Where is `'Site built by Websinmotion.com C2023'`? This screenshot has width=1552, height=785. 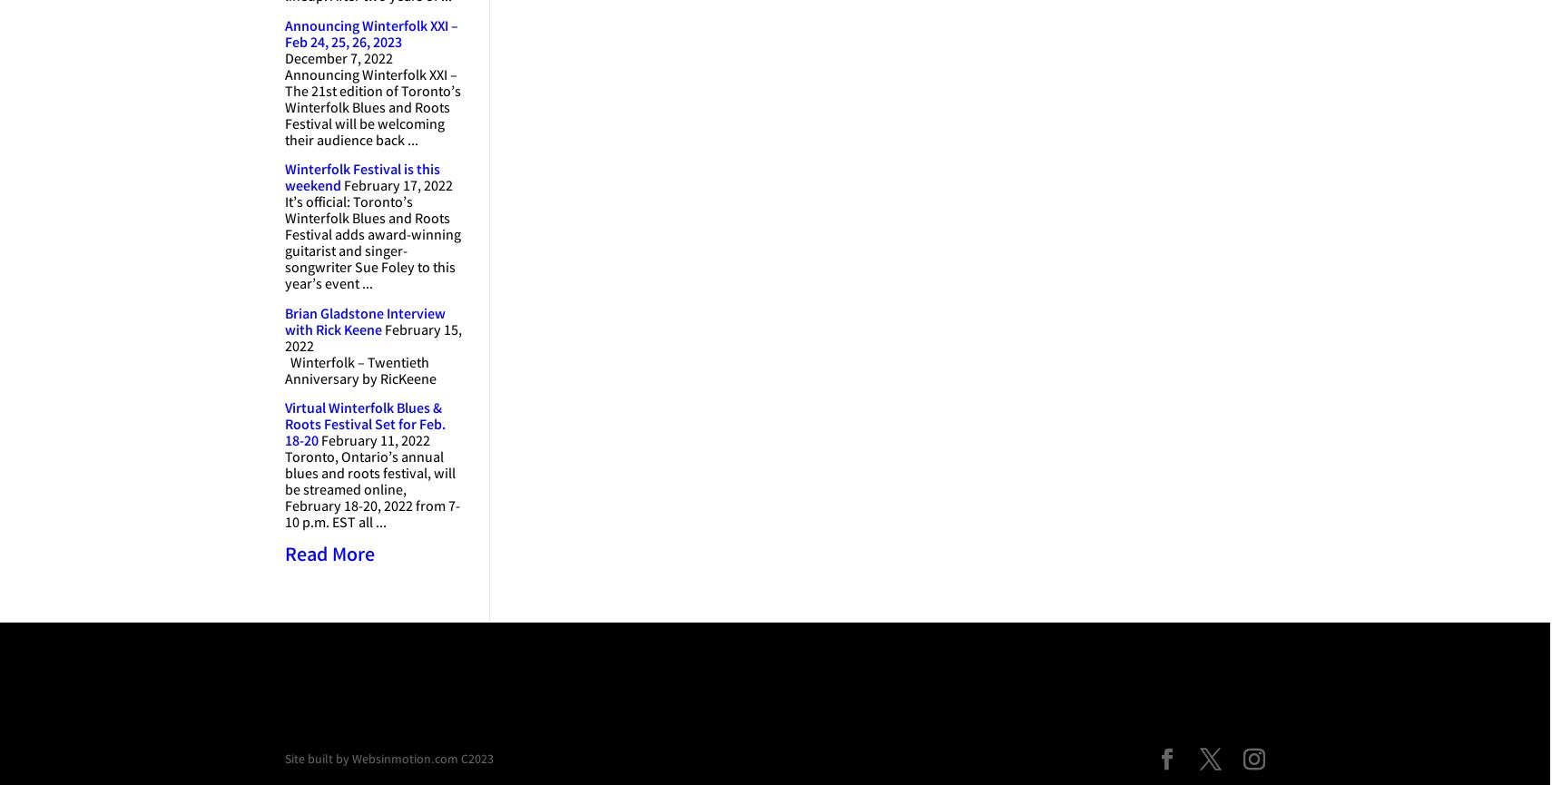 'Site built by Websinmotion.com C2023' is located at coordinates (389, 758).